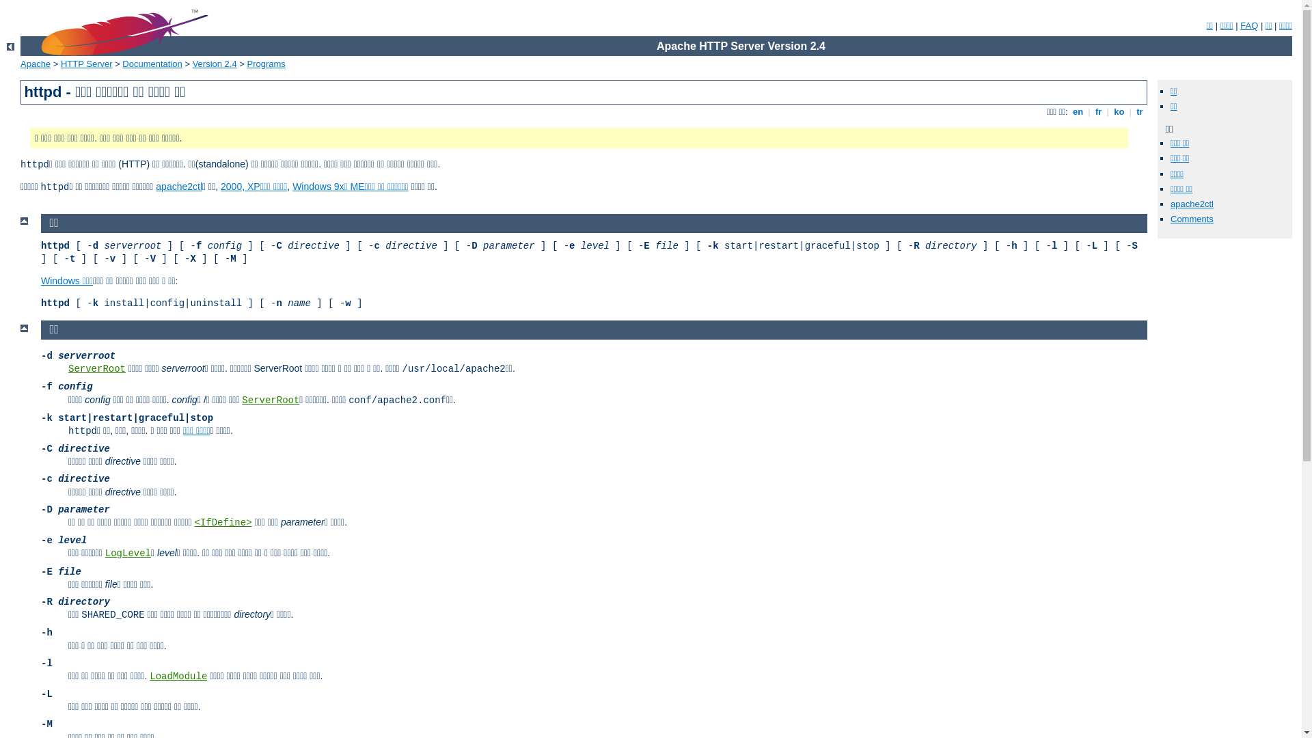 The image size is (1312, 738). What do you see at coordinates (214, 64) in the screenshot?
I see `'Version 2.4'` at bounding box center [214, 64].